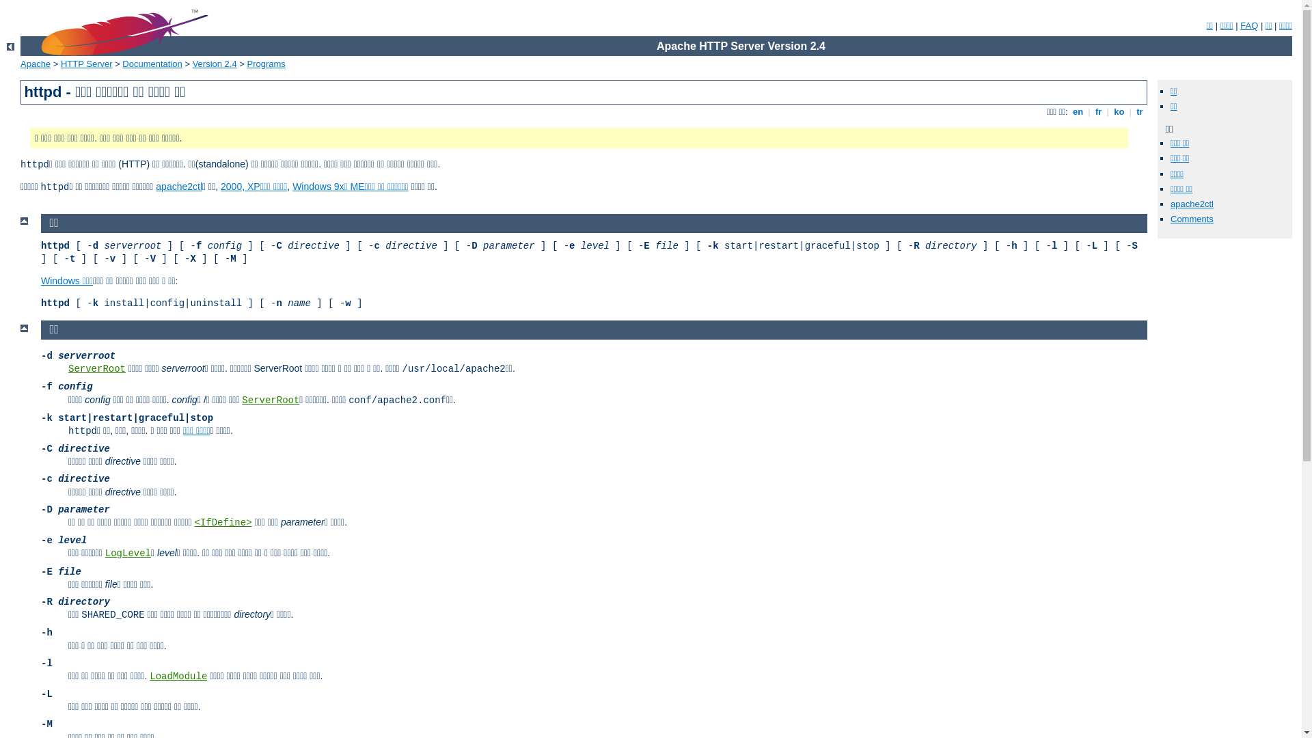 The image size is (1312, 738). What do you see at coordinates (214, 64) in the screenshot?
I see `'Version 2.4'` at bounding box center [214, 64].